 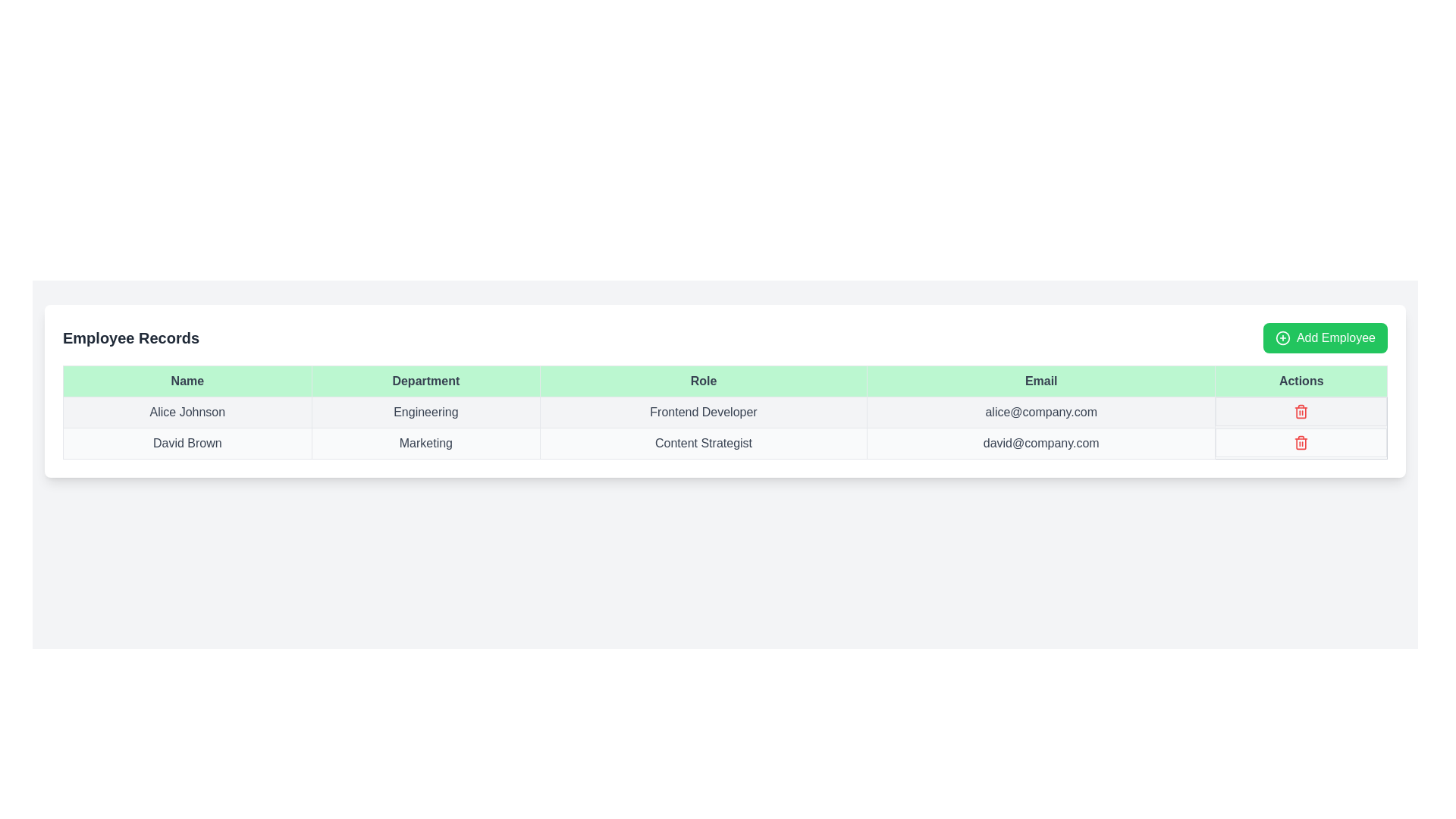 What do you see at coordinates (1301, 442) in the screenshot?
I see `the delete button located` at bounding box center [1301, 442].